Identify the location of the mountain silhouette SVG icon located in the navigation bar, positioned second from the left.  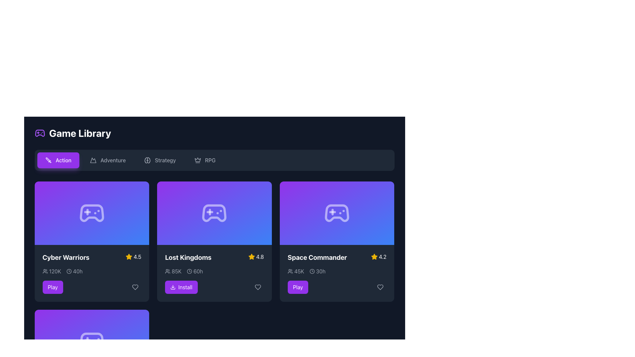
(93, 160).